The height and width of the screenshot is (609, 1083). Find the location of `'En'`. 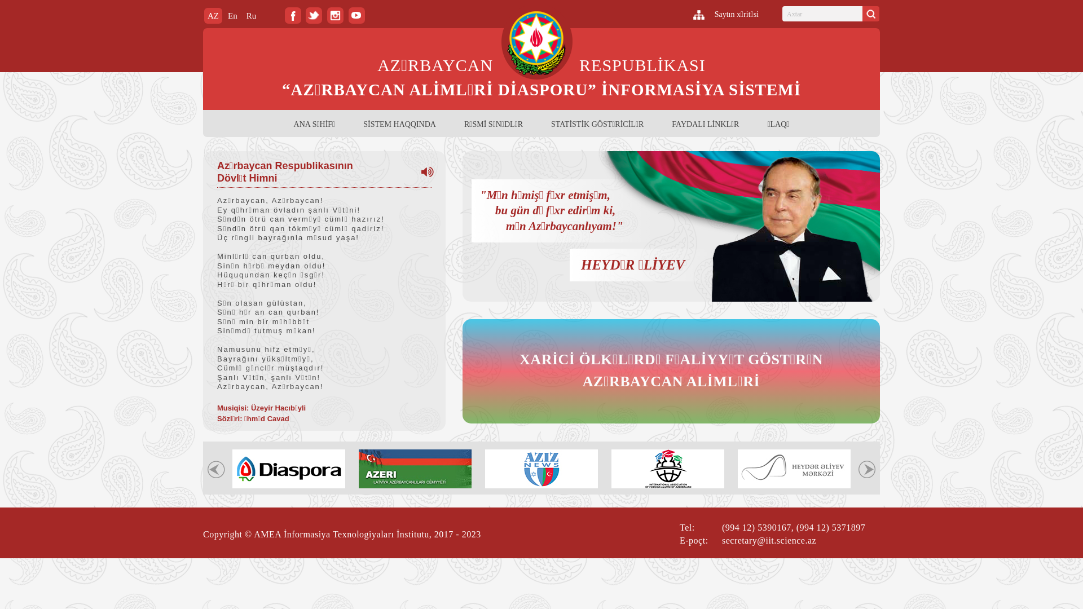

'En' is located at coordinates (232, 15).